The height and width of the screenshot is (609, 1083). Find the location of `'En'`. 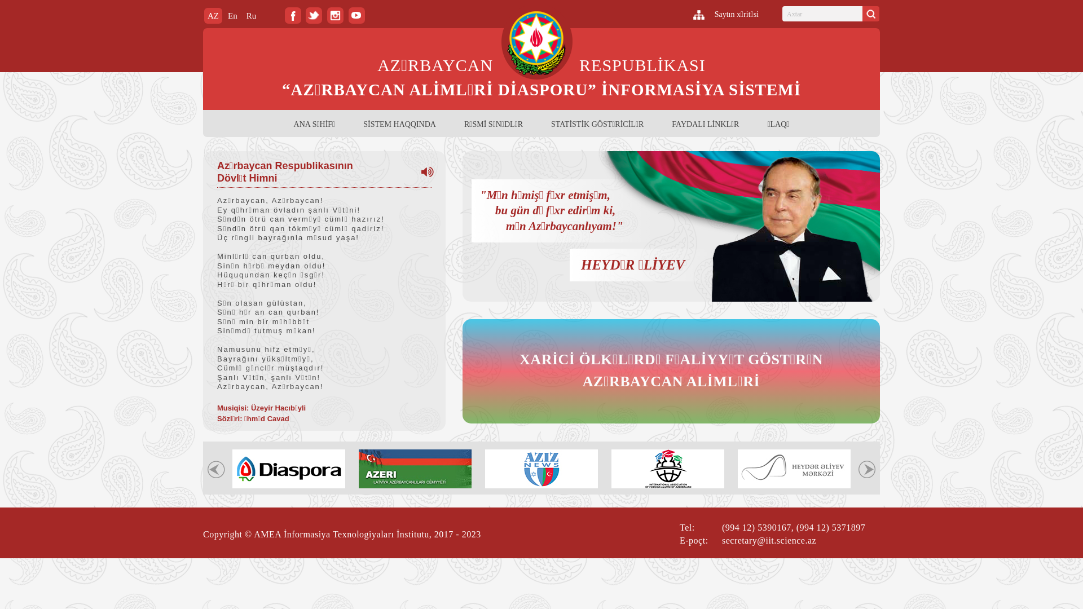

'En' is located at coordinates (232, 15).